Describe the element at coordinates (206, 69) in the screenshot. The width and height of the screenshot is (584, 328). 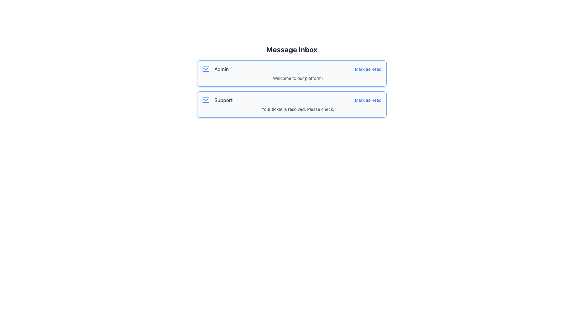
I see `the mail icon with a blue outline and white fill, located in the upper-left corner of the first notification card below 'Message Inbox'` at that location.